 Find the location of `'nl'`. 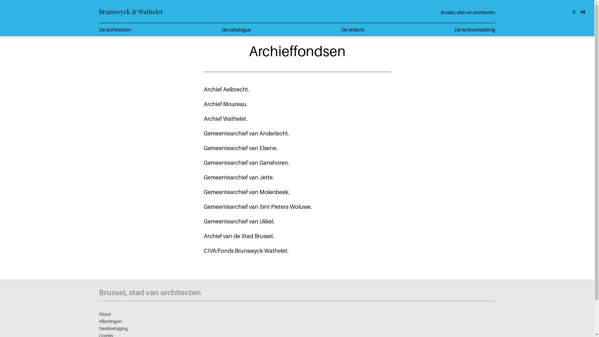

'nl' is located at coordinates (582, 12).